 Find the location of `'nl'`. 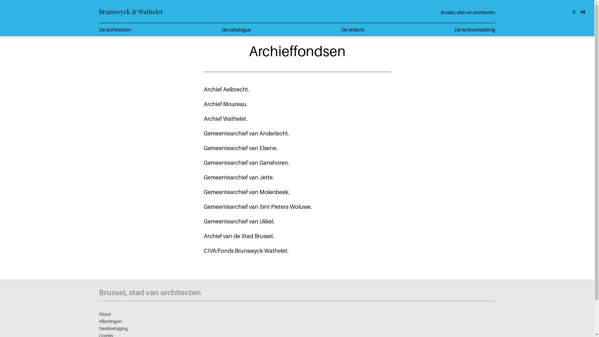

'nl' is located at coordinates (582, 12).